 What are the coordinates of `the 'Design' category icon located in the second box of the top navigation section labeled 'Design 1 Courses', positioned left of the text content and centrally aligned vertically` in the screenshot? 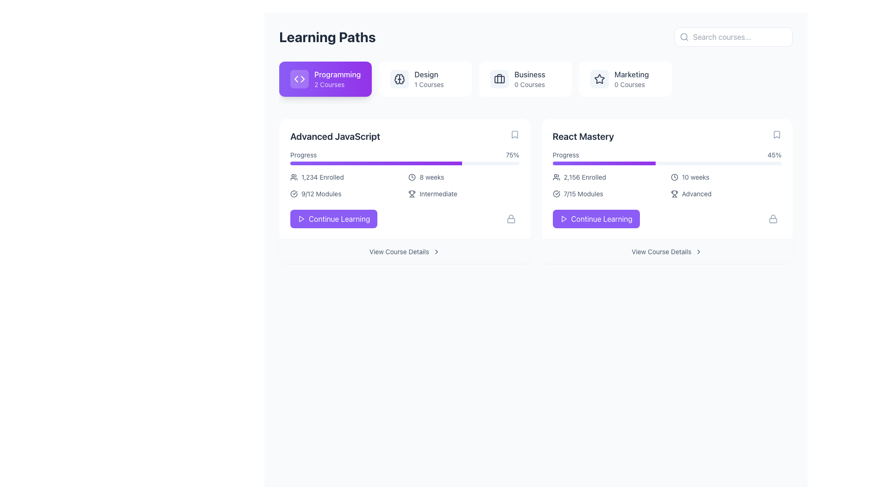 It's located at (400, 78).